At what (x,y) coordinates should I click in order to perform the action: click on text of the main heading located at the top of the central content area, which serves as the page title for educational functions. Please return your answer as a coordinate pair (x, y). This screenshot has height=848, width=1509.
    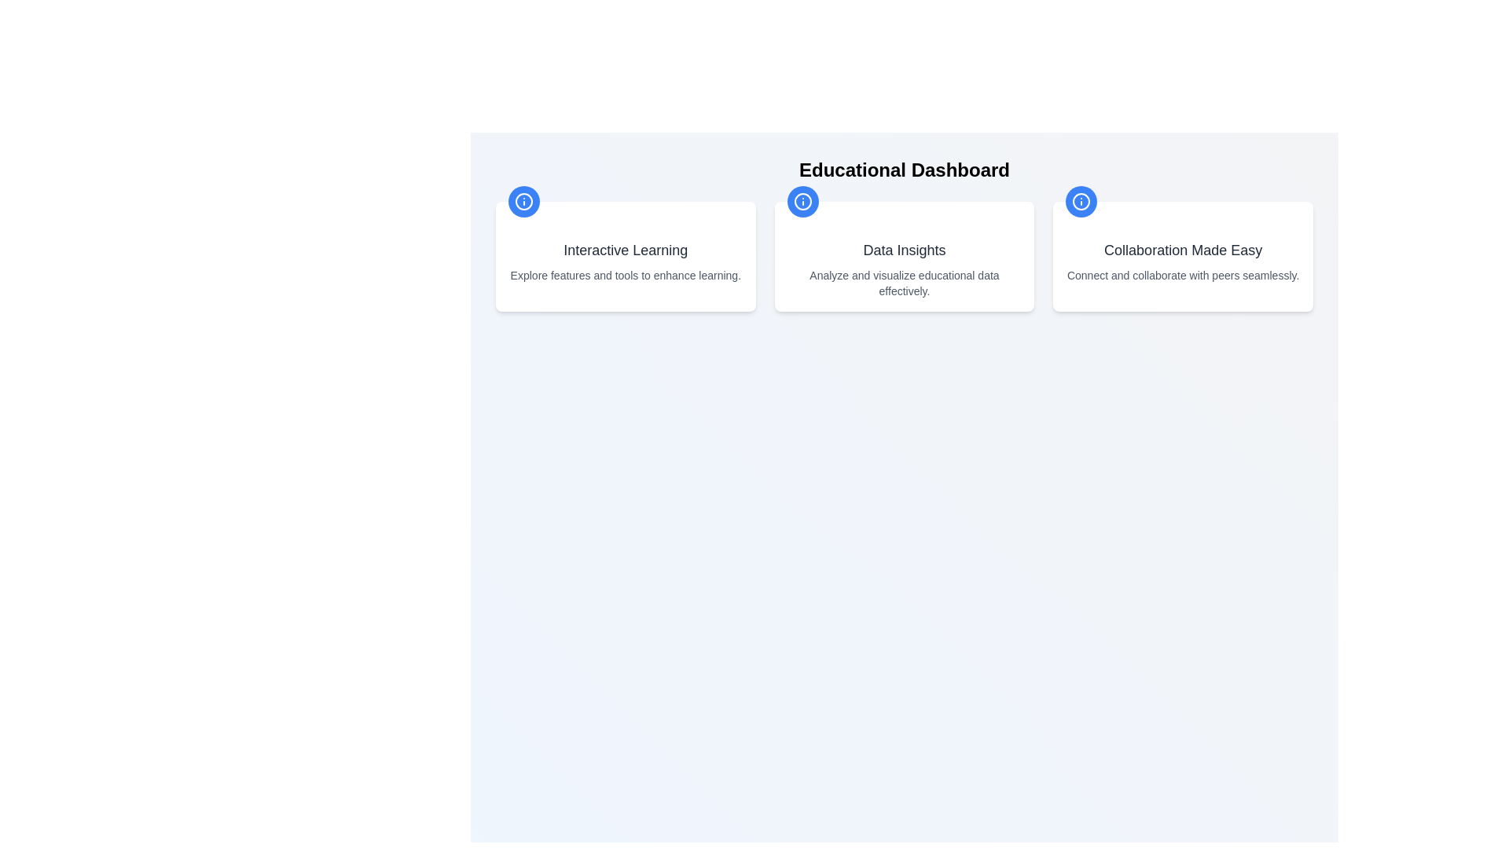
    Looking at the image, I should click on (905, 170).